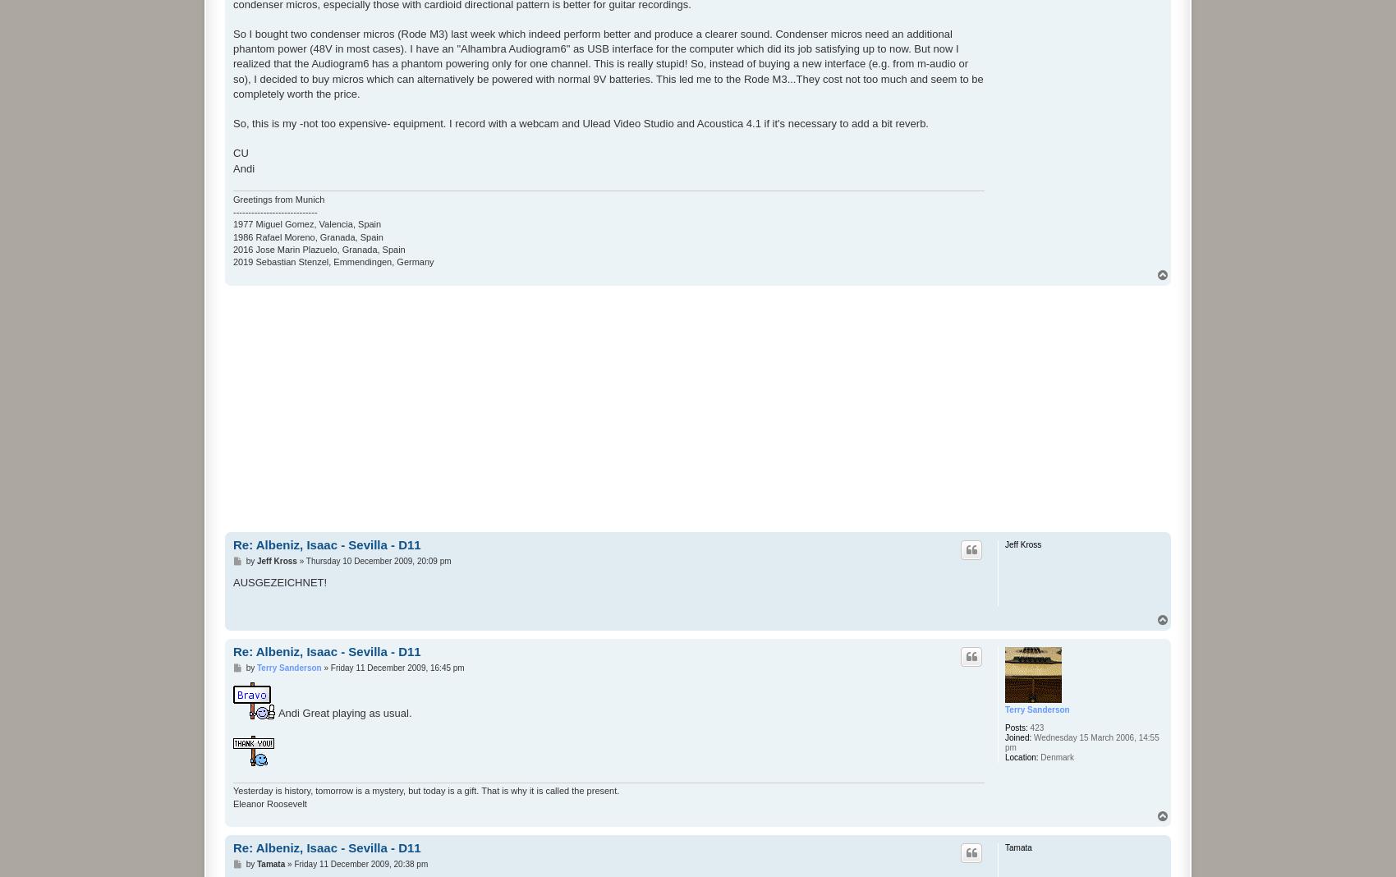  Describe the element at coordinates (233, 123) in the screenshot. I see `'So, this is my -not too expensive- equipment. I record with a webcam and Ulead Video Studio and Acoustica 4.1 if it's necessary to add a bit reverb.'` at that location.